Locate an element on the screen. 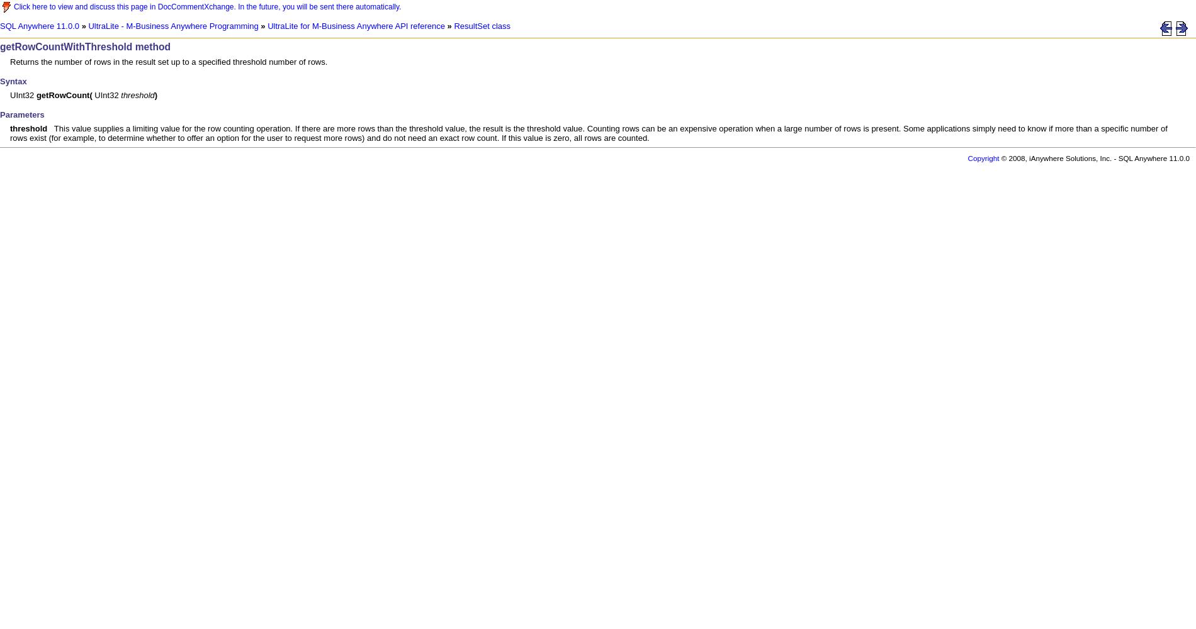 The width and height of the screenshot is (1196, 629). 'Parameters' is located at coordinates (21, 114).